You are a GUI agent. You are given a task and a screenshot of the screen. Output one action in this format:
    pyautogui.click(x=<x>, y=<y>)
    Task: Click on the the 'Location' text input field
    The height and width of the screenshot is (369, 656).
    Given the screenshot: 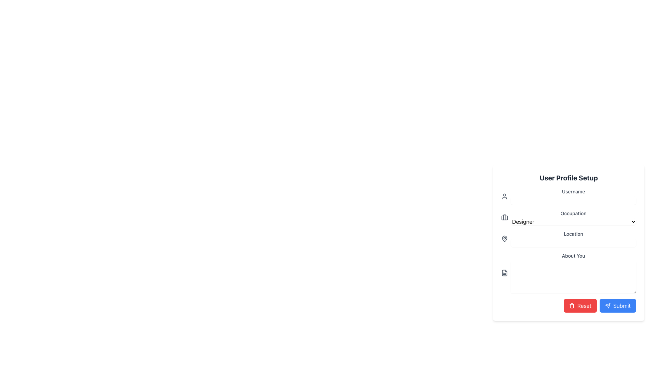 What is the action you would take?
    pyautogui.click(x=573, y=238)
    